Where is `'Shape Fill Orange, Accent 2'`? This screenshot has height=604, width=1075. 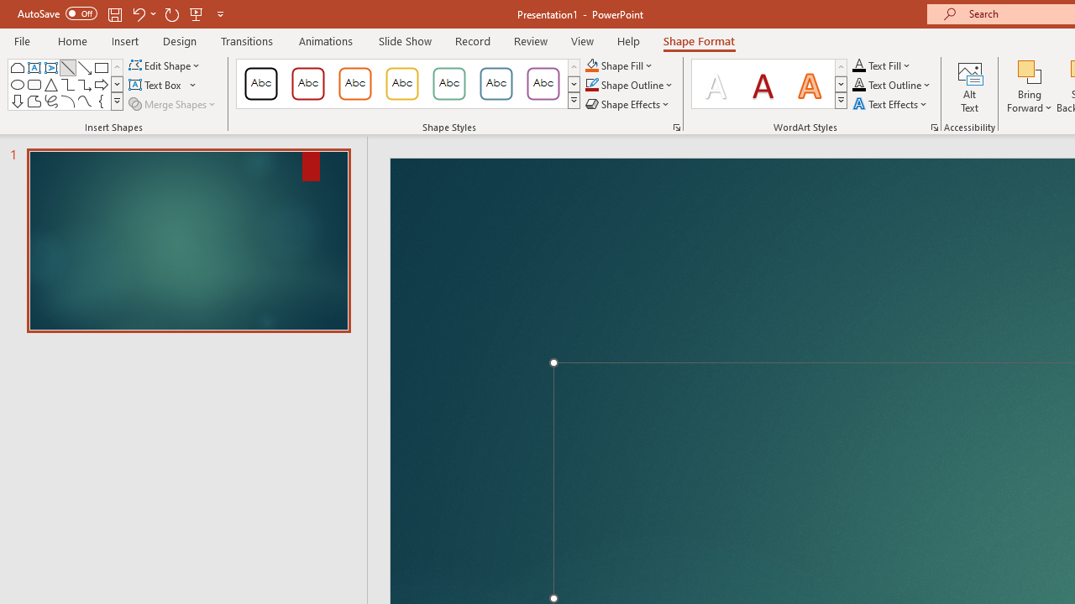
'Shape Fill Orange, Accent 2' is located at coordinates (591, 65).